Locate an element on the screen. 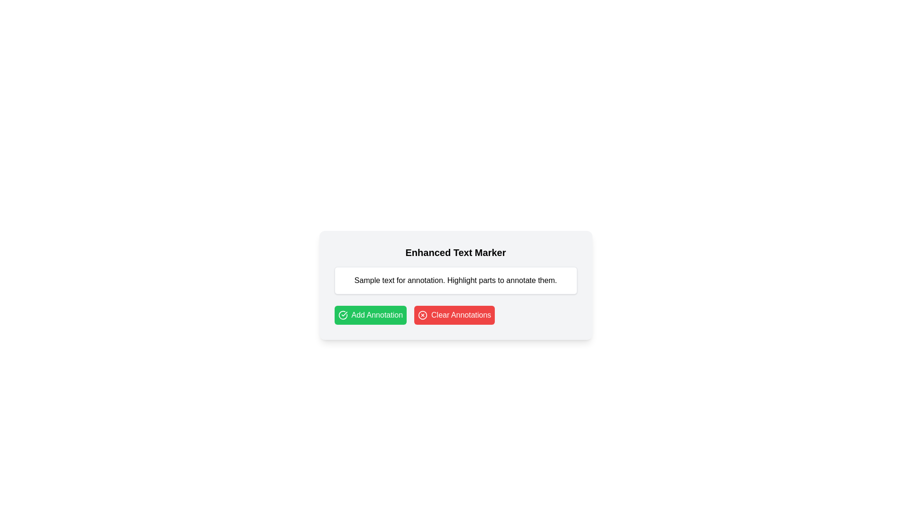 The height and width of the screenshot is (512, 910). the narrow vertical space located within the sentence 'Sample text for annotation. Highlight parts to annotate them.' positioned between the words 'Highlight' and 'parts' is located at coordinates (478, 280).